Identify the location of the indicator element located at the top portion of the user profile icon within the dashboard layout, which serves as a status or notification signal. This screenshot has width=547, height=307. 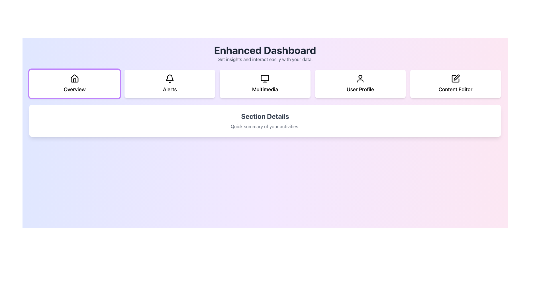
(360, 77).